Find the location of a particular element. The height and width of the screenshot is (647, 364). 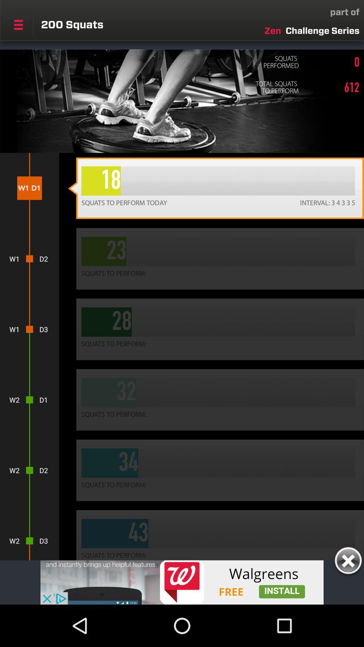

menu is located at coordinates (18, 25).